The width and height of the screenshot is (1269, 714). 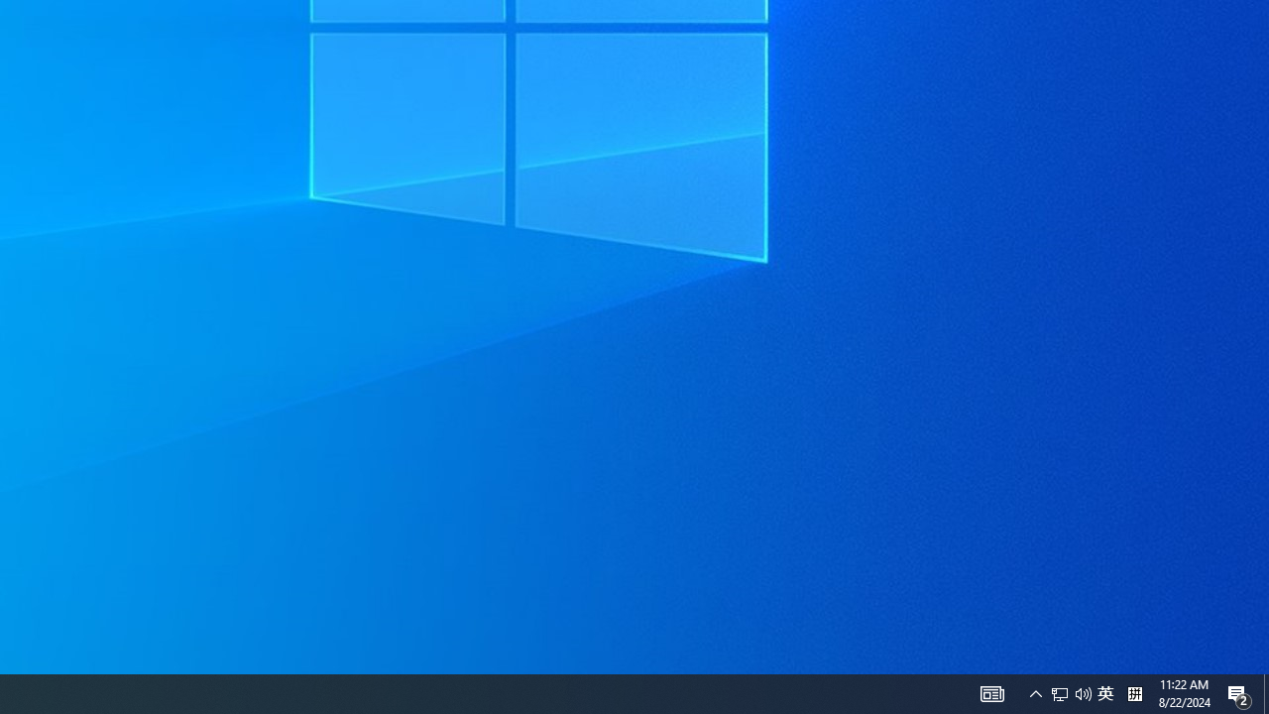 I want to click on 'Action Center, 2 new notifications', so click(x=1239, y=692).